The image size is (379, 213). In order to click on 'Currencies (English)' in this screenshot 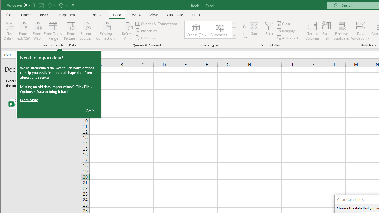, I will do `click(219, 30)`.